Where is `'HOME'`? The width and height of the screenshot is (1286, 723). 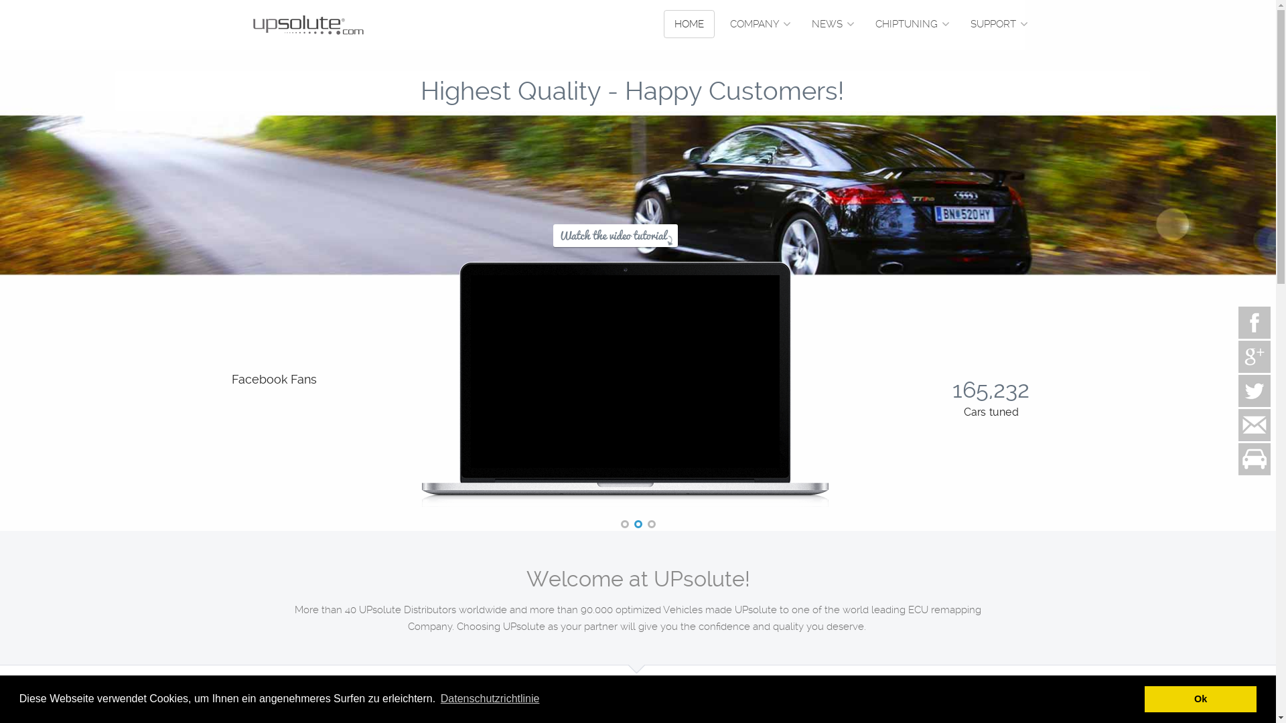 'HOME' is located at coordinates (662, 23).